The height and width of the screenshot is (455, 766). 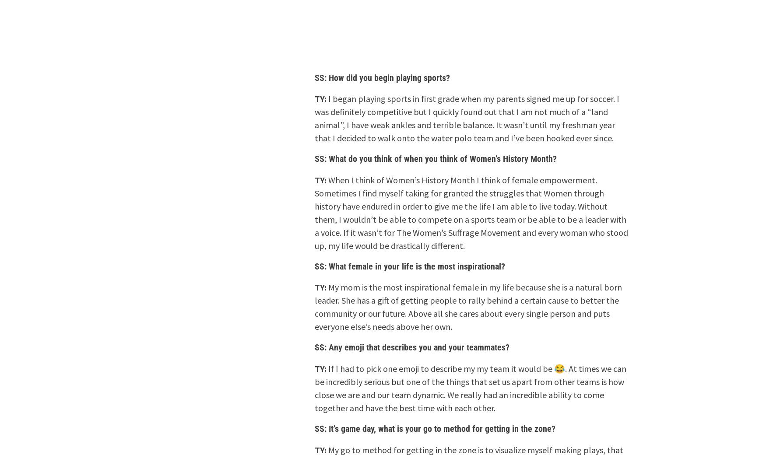 I want to click on 'SS: Any emoji that describes you and your teammates?', so click(x=412, y=347).